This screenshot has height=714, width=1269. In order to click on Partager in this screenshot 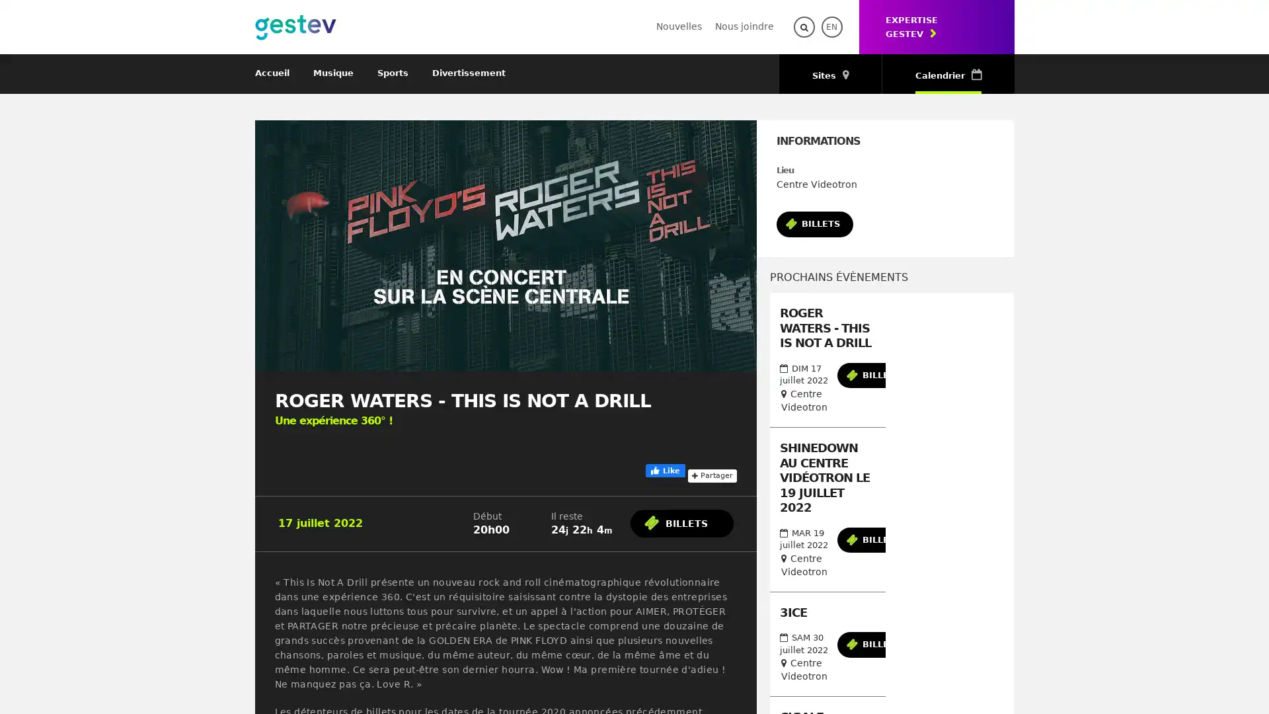, I will do `click(711, 392)`.